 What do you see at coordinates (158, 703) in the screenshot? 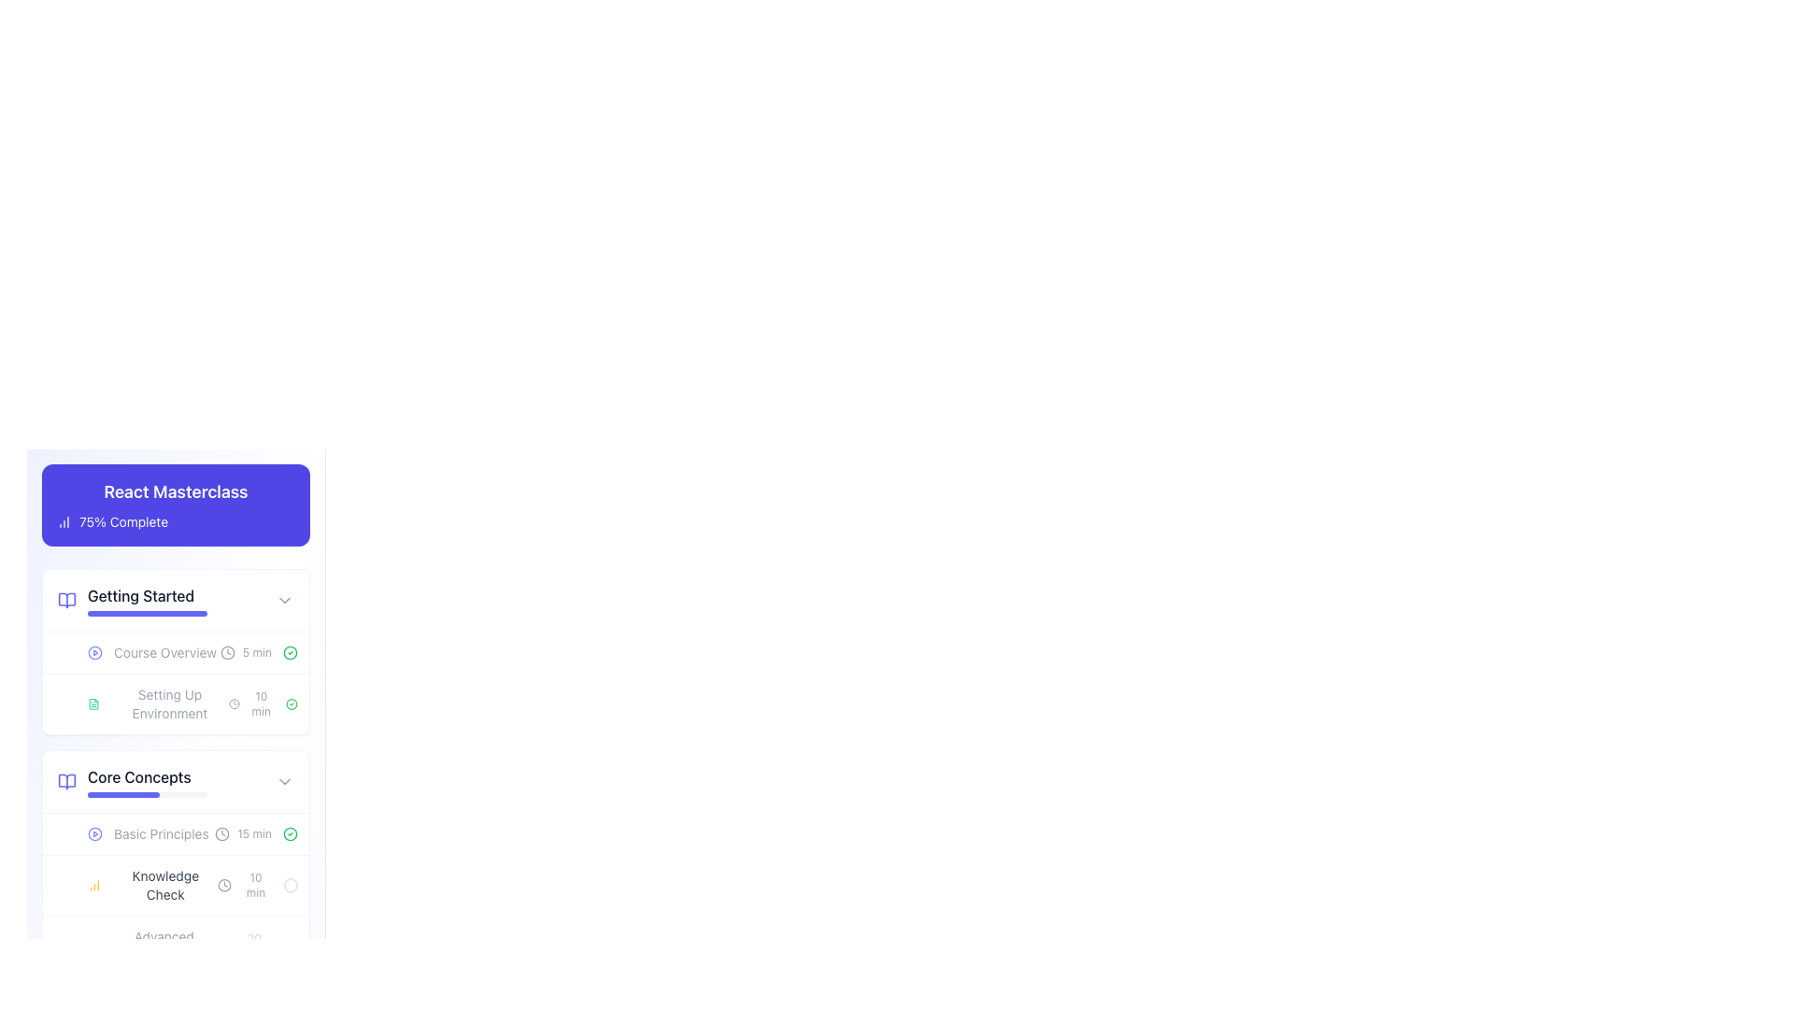
I see `the 'Setting Up Environment' text label with icon` at bounding box center [158, 703].